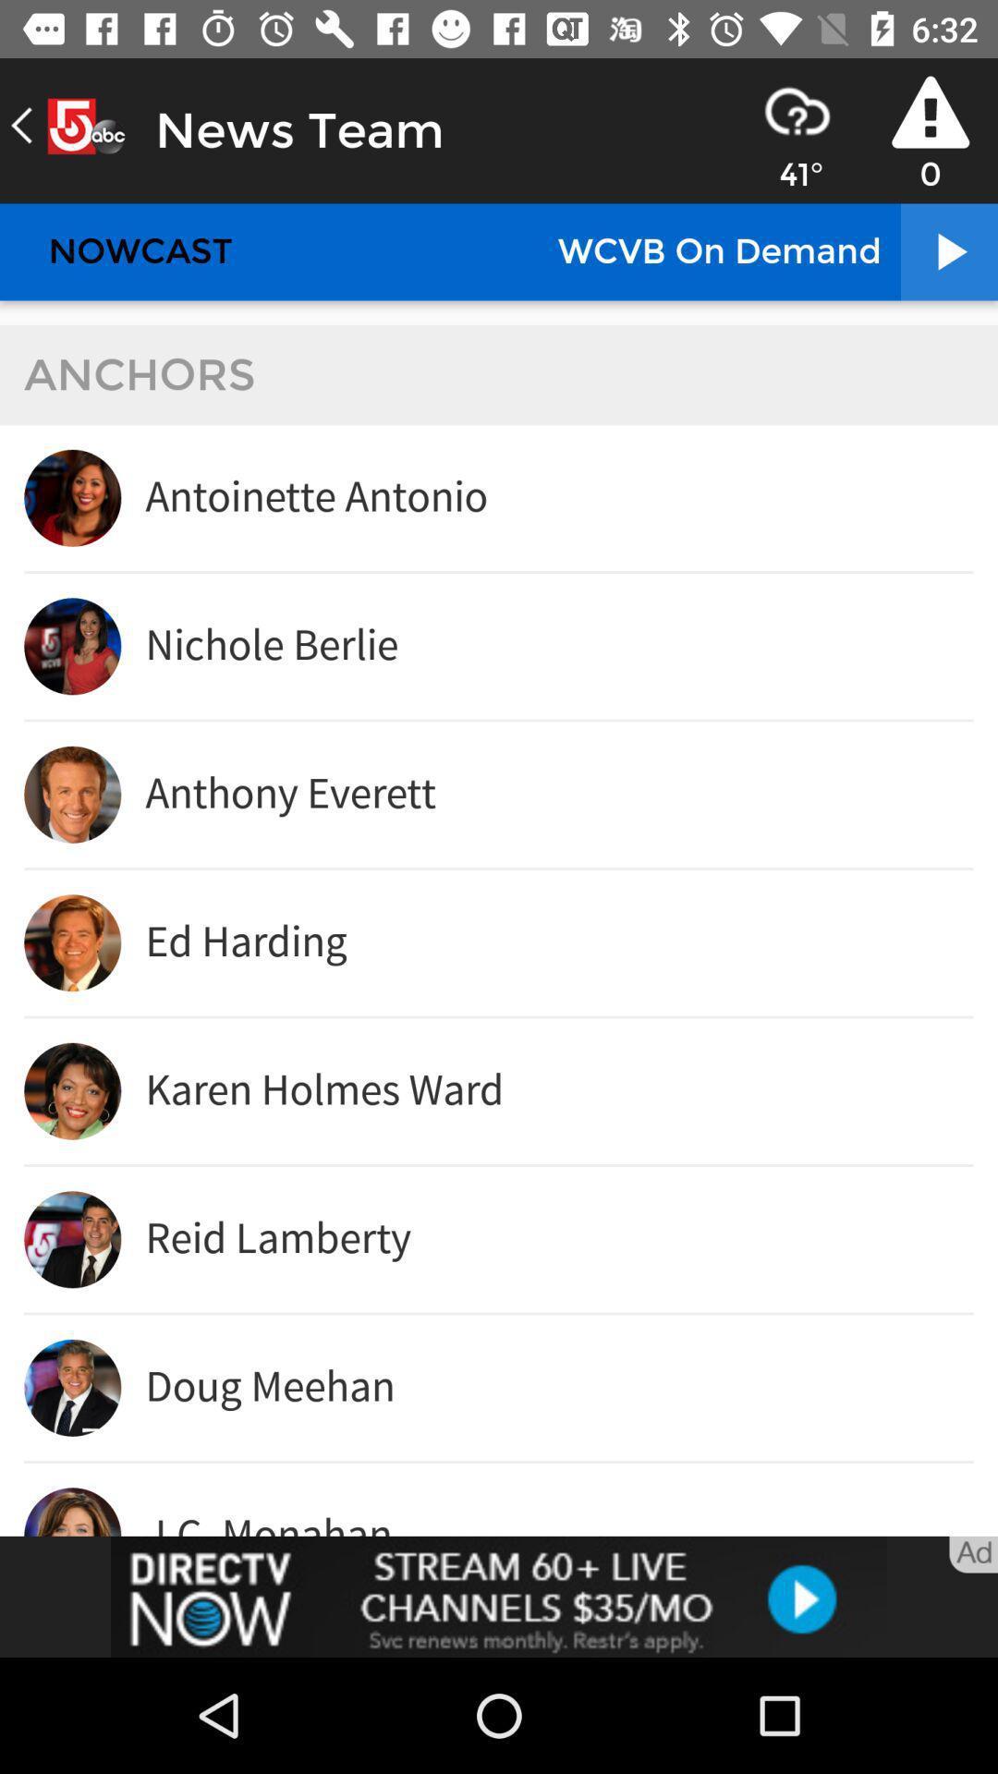 The width and height of the screenshot is (998, 1774). I want to click on click the advertisement, so click(499, 1596).